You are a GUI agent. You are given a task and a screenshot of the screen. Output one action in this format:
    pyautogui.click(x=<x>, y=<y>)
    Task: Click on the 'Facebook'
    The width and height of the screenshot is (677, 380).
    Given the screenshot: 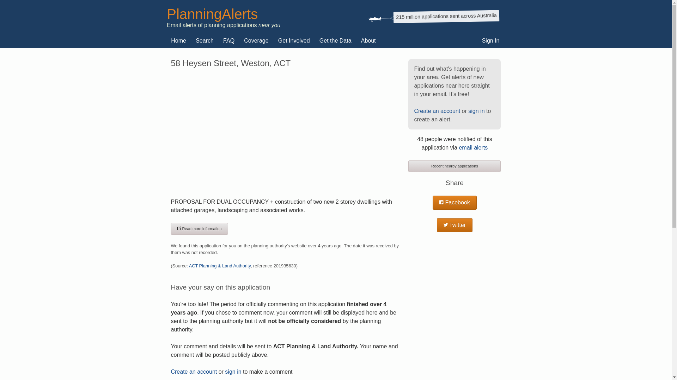 What is the action you would take?
    pyautogui.click(x=455, y=202)
    